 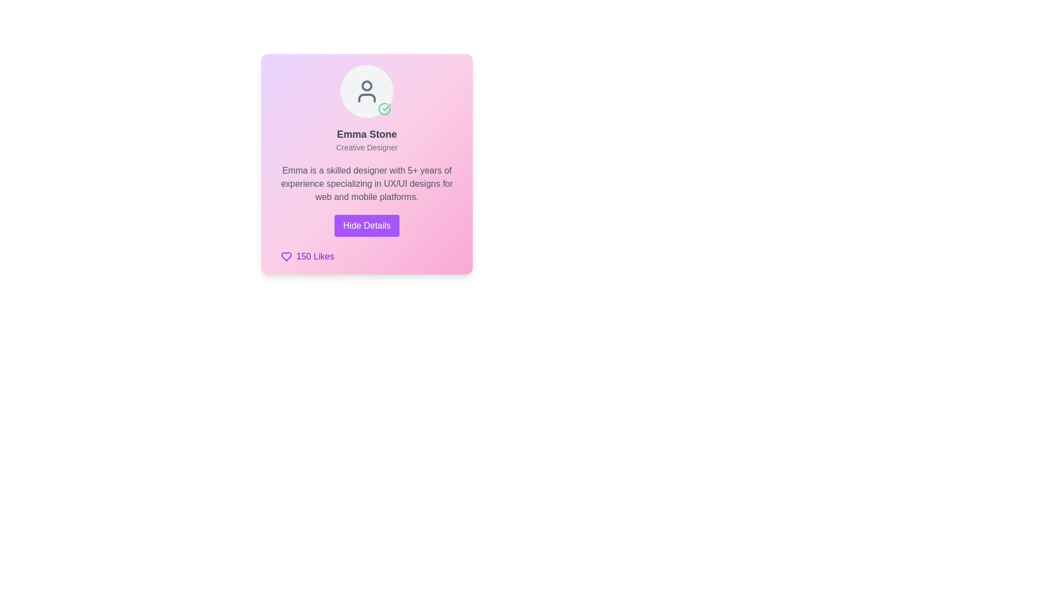 I want to click on the 'Hide Details' button with a purple background, so click(x=367, y=225).